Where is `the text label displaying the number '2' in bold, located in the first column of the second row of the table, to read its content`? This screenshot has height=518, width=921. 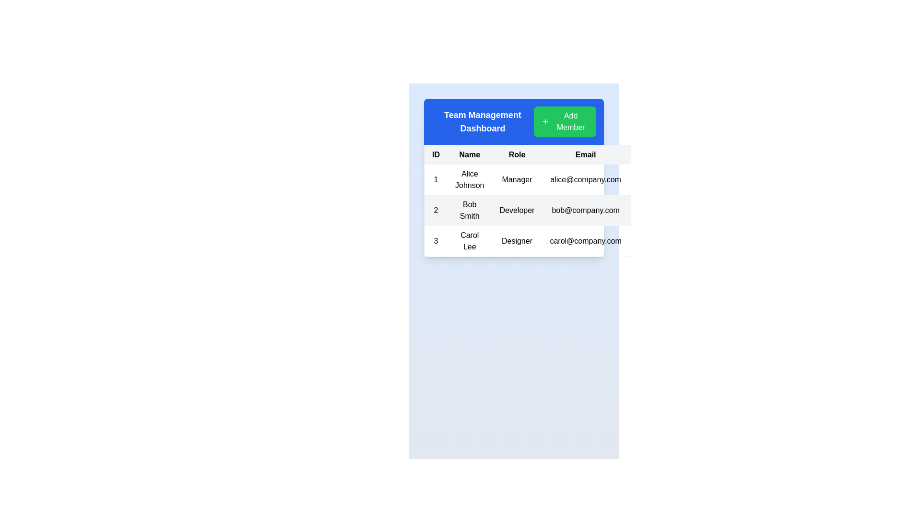
the text label displaying the number '2' in bold, located in the first column of the second row of the table, to read its content is located at coordinates (435, 210).